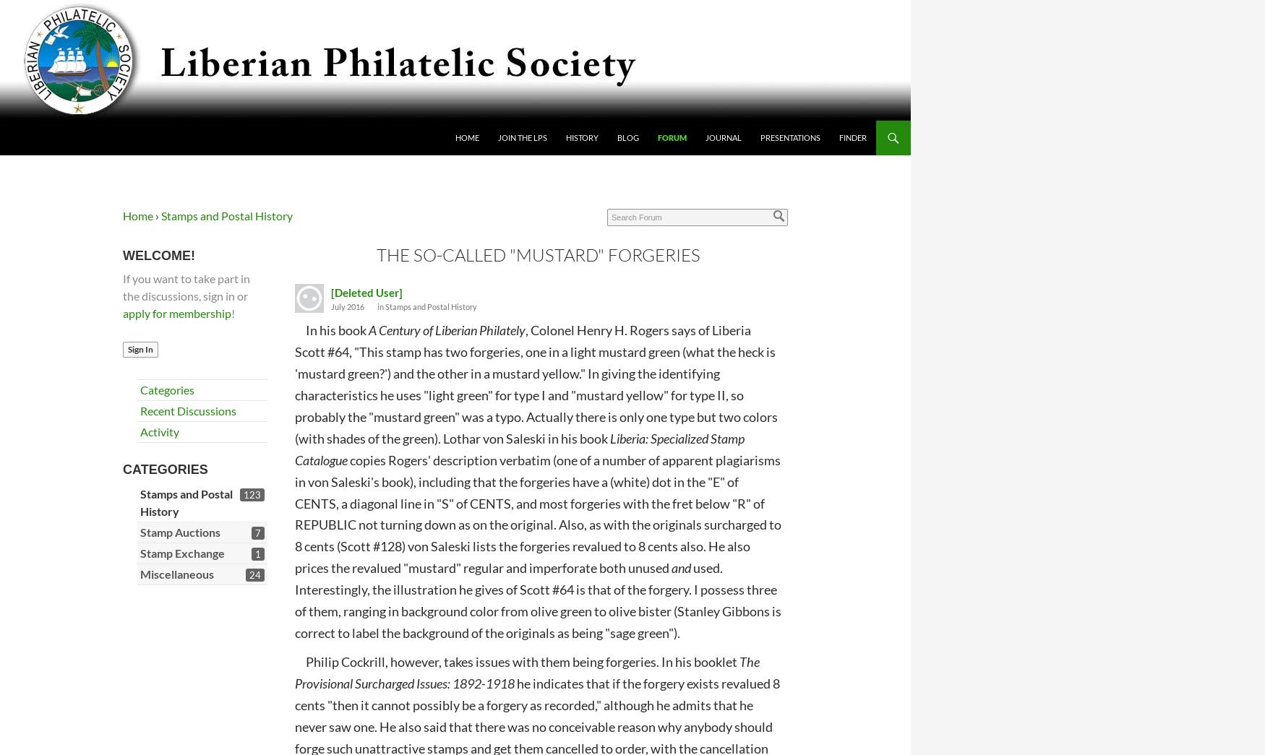 The height and width of the screenshot is (755, 1265). What do you see at coordinates (332, 330) in the screenshot?
I see `'In his book'` at bounding box center [332, 330].